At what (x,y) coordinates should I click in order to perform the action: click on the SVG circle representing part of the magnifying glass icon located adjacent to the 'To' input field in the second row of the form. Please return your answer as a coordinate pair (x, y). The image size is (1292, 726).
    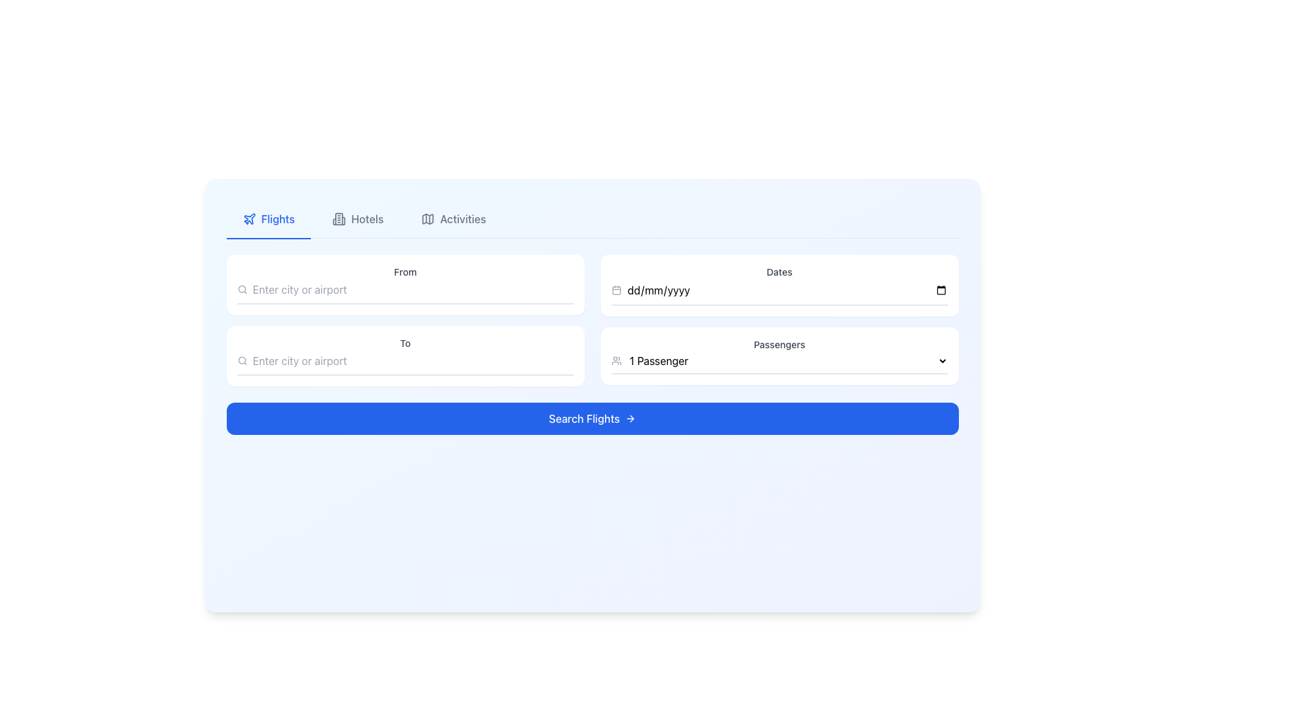
    Looking at the image, I should click on (242, 288).